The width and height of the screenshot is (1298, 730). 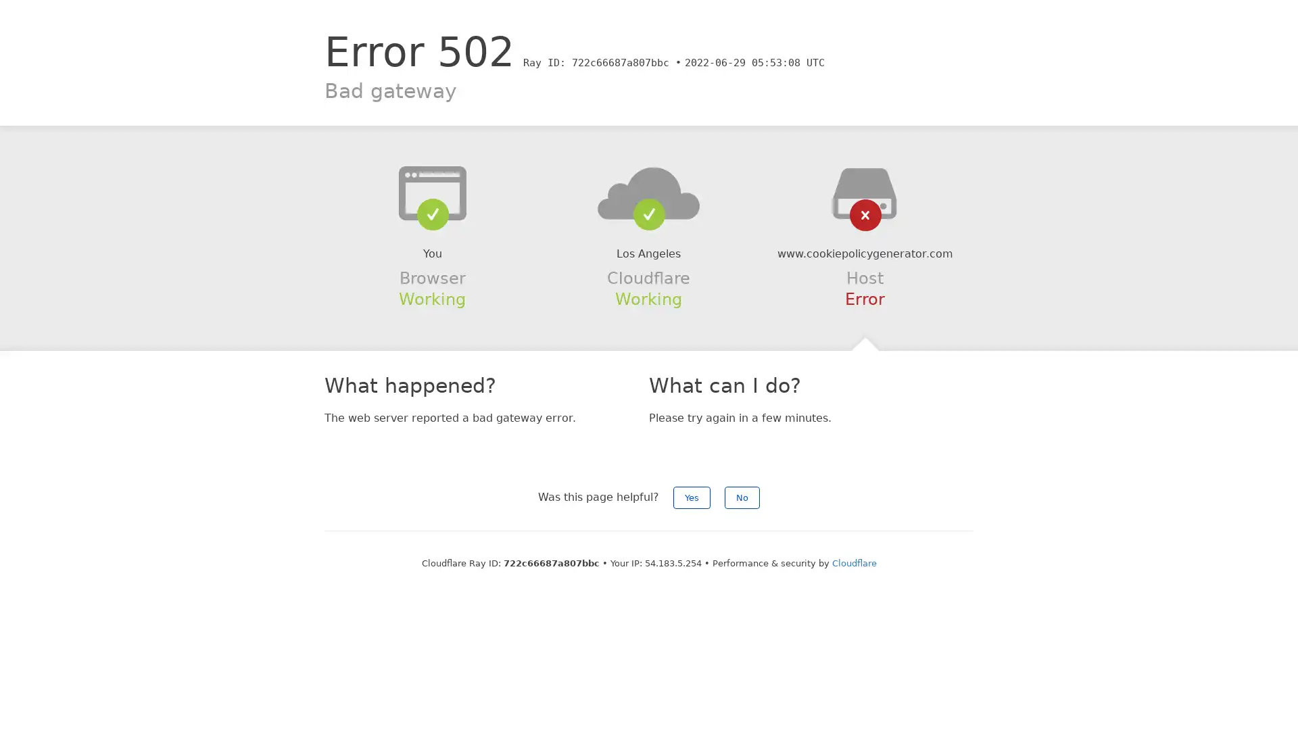 I want to click on No, so click(x=742, y=497).